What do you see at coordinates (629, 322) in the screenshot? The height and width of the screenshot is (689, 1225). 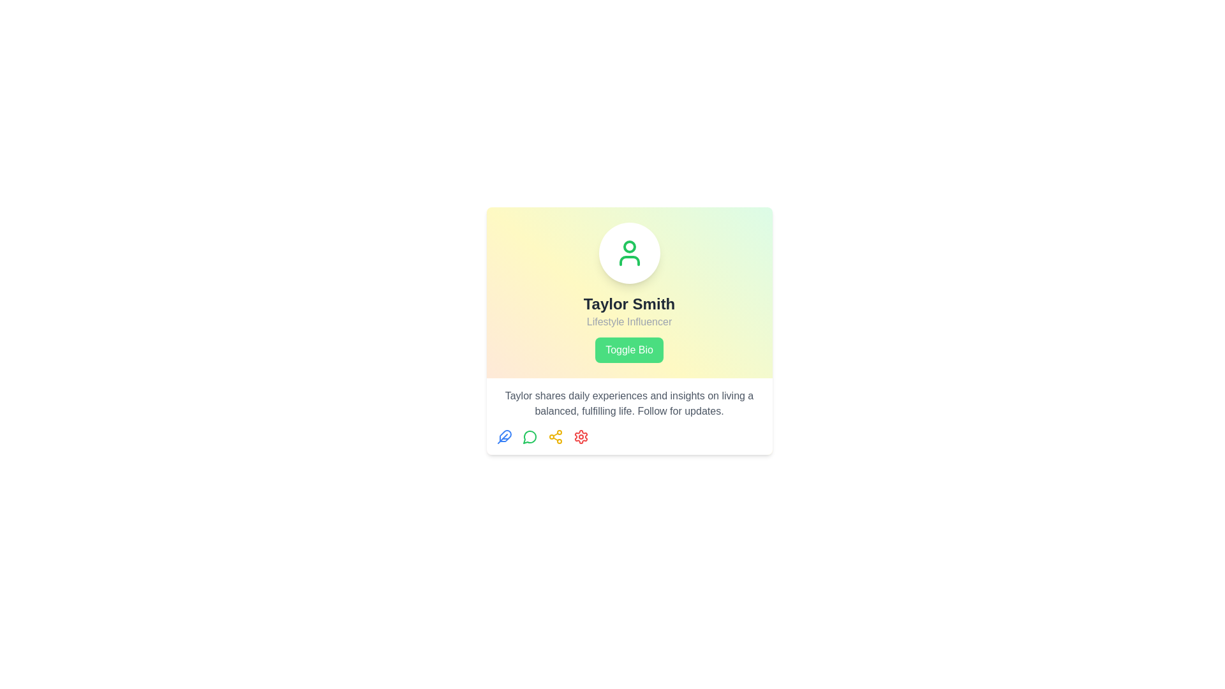 I see `the text label that reads 'Lifestyle Influencer', which is styled in a smaller, muted gray font and positioned directly beneath the title 'Taylor Smith'` at bounding box center [629, 322].